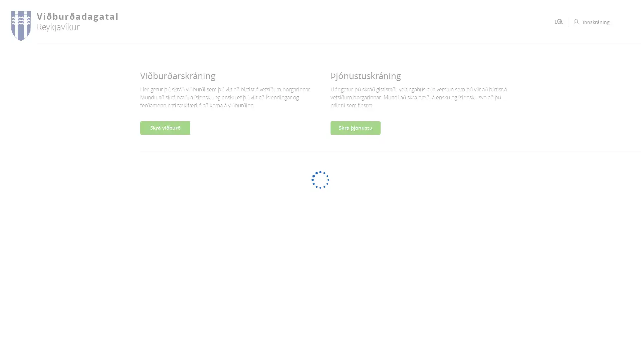  I want to click on Skra vibur, so click(165, 128).